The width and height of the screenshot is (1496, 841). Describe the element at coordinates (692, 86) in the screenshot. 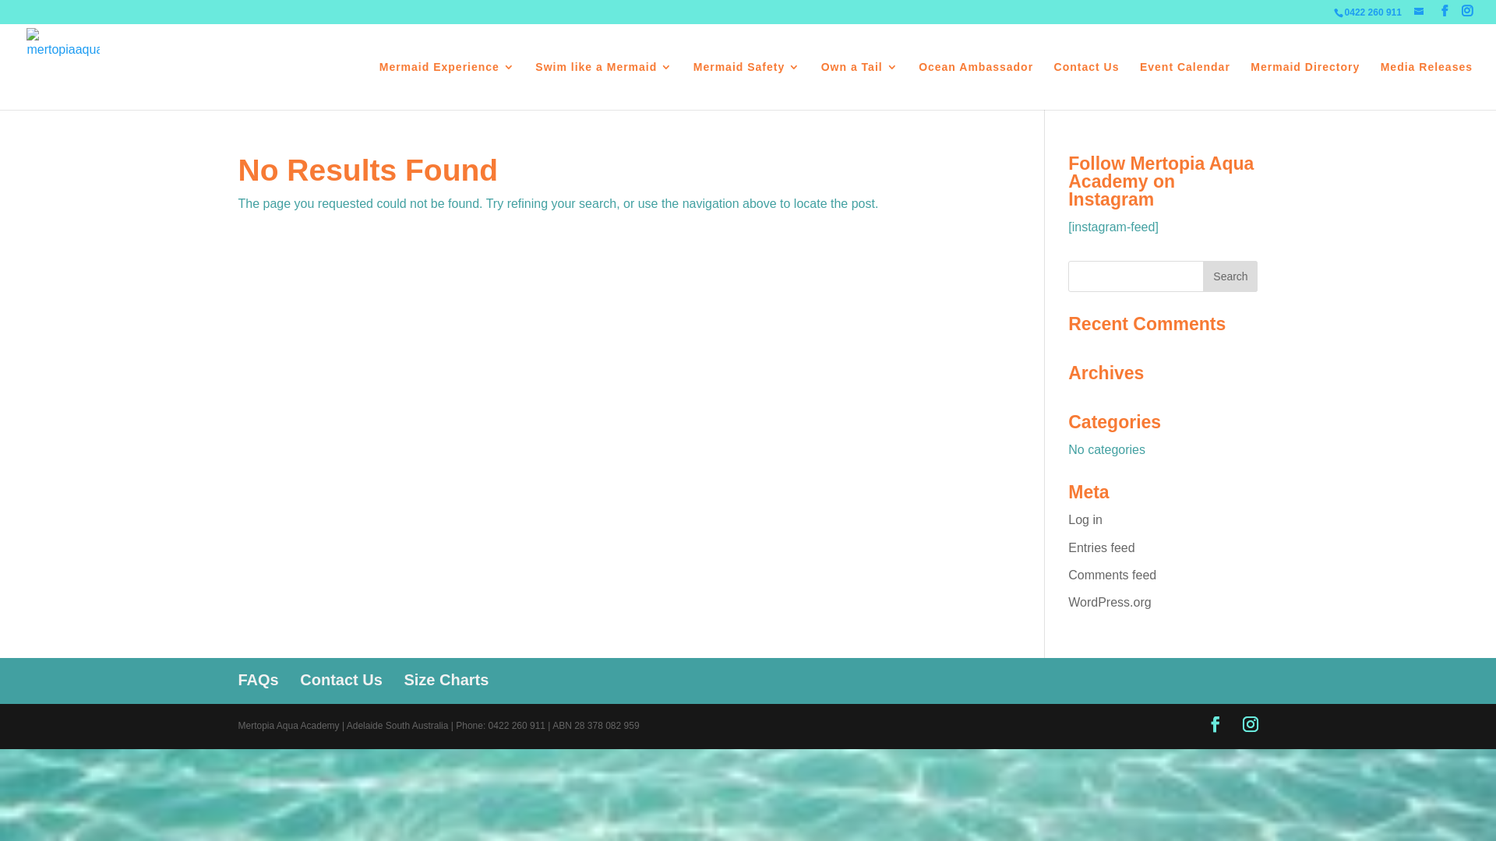

I see `'Mermaid Safety'` at that location.